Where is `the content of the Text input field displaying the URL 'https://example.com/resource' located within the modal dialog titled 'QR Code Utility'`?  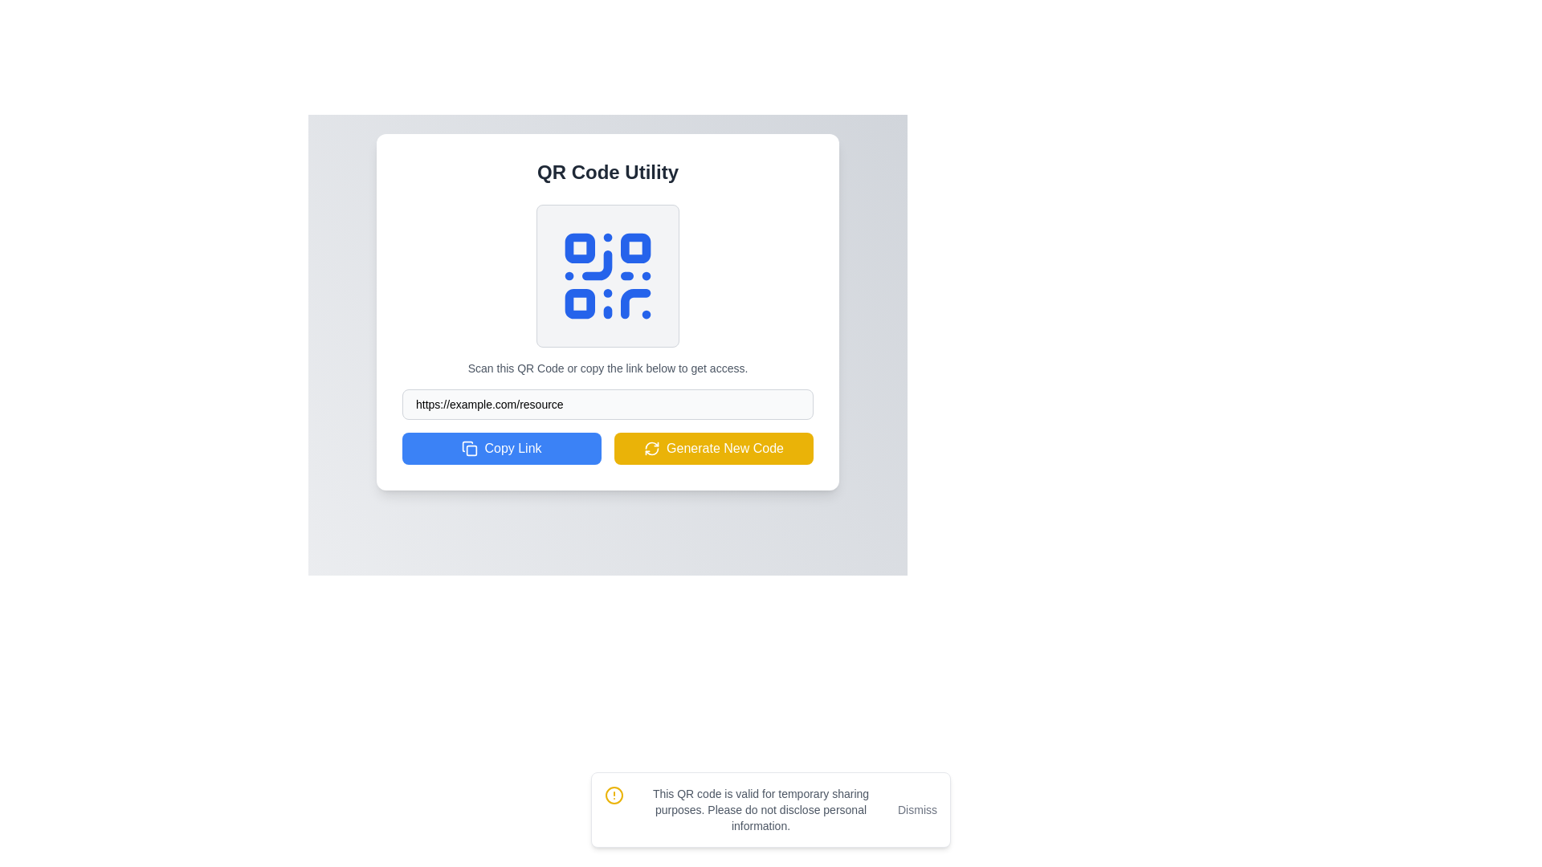
the content of the Text input field displaying the URL 'https://example.com/resource' located within the modal dialog titled 'QR Code Utility' is located at coordinates (607, 404).